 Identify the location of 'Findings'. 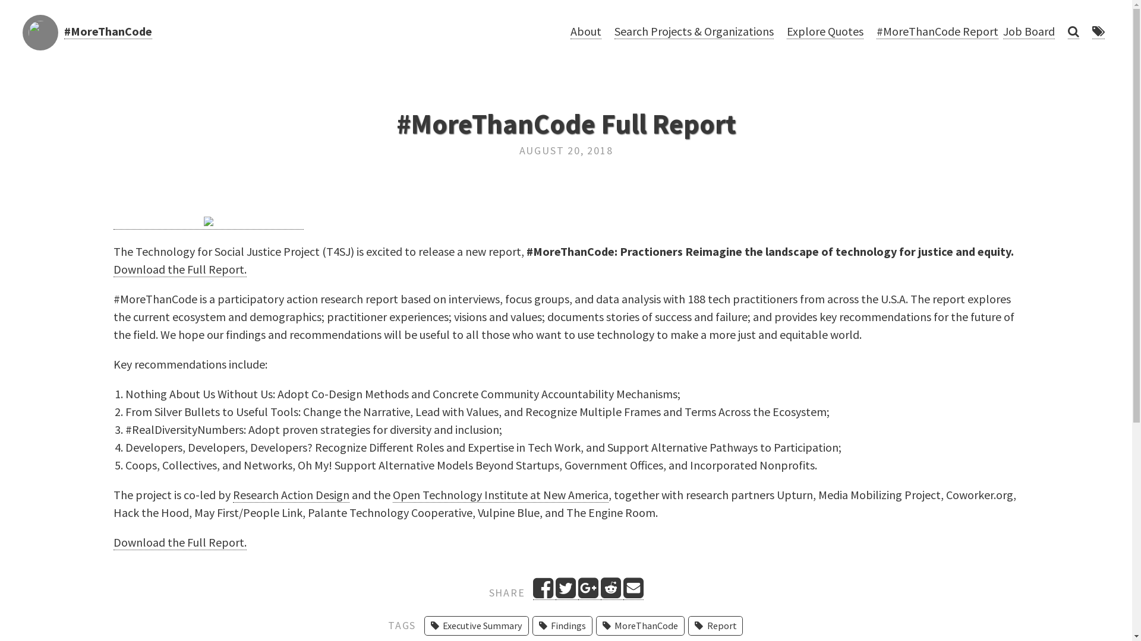
(562, 625).